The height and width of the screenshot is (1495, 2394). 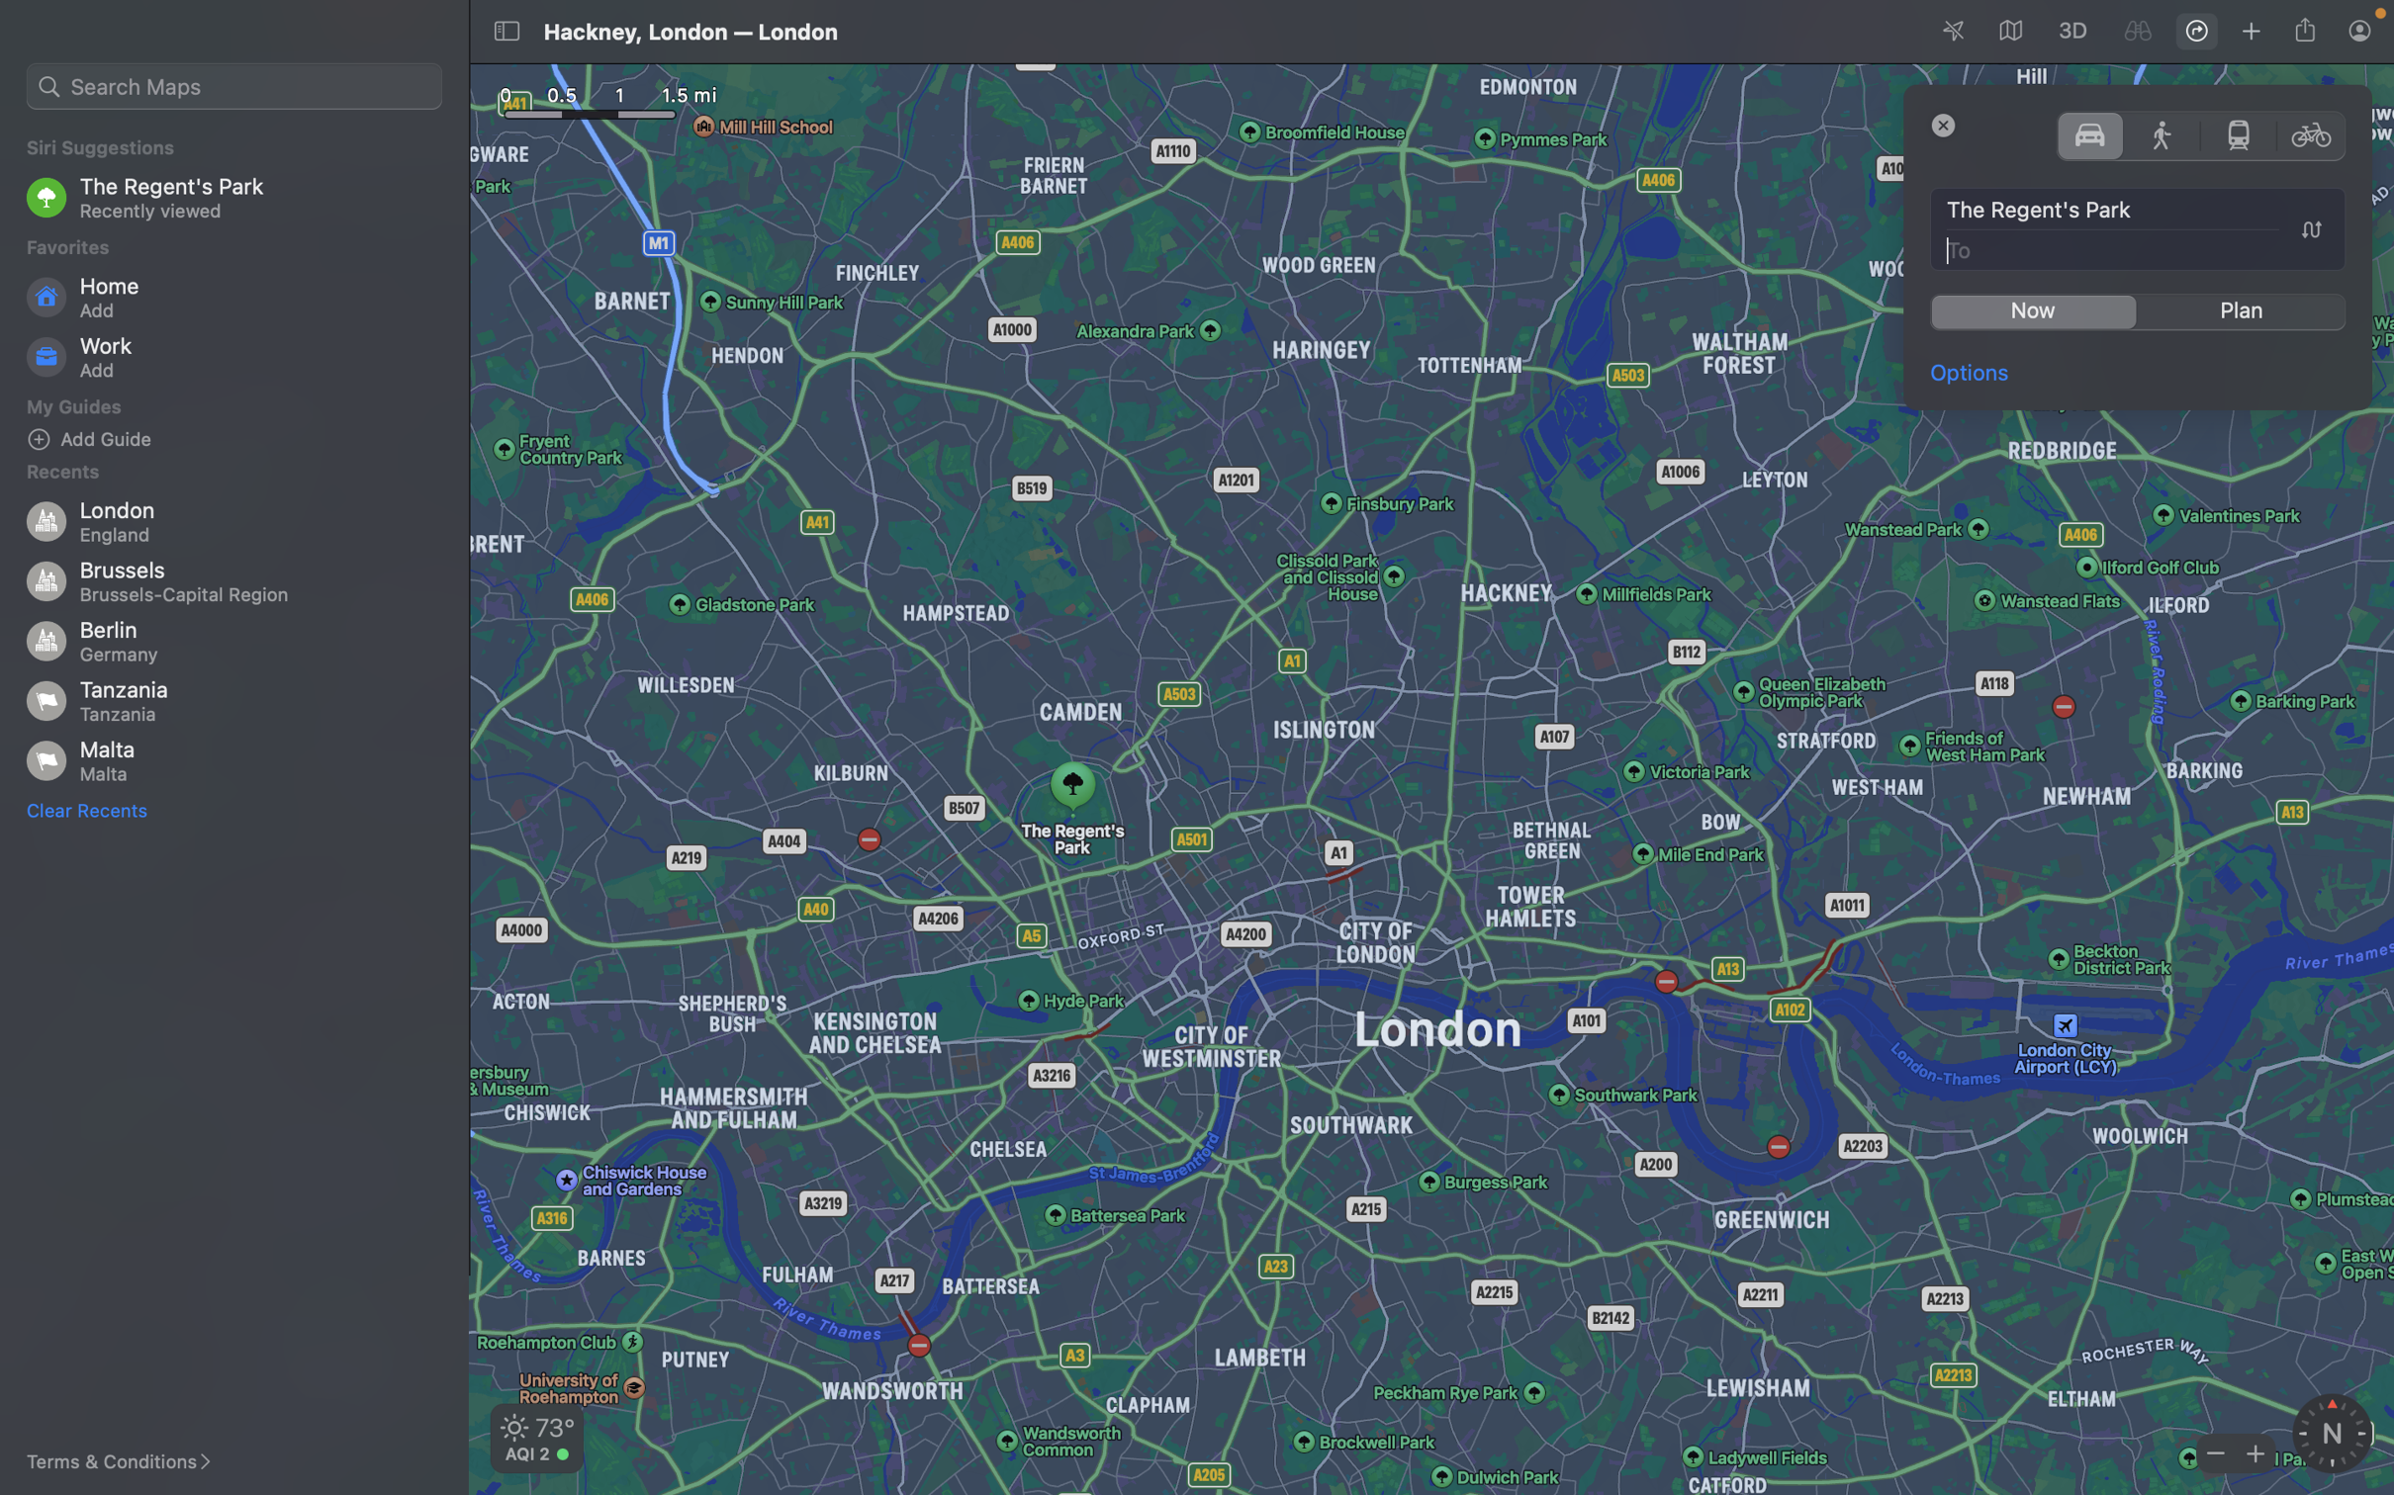 What do you see at coordinates (2139, 248) in the screenshot?
I see `Locate the "destination" box, fill it with Paris and finalize with the enter key` at bounding box center [2139, 248].